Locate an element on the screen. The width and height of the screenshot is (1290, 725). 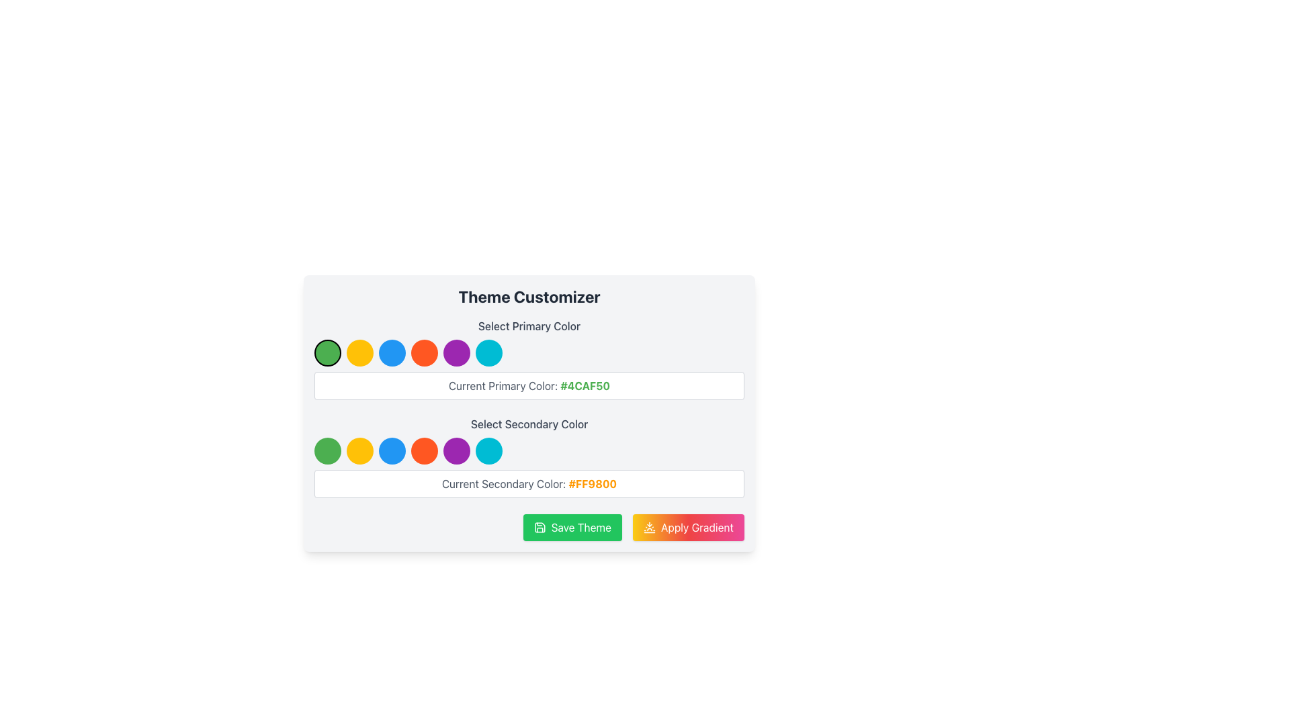
displayed current secondary color value in the Color selection panel located below the 'Select Primary Color' section in the 'Theme Customizer' is located at coordinates (528, 456).